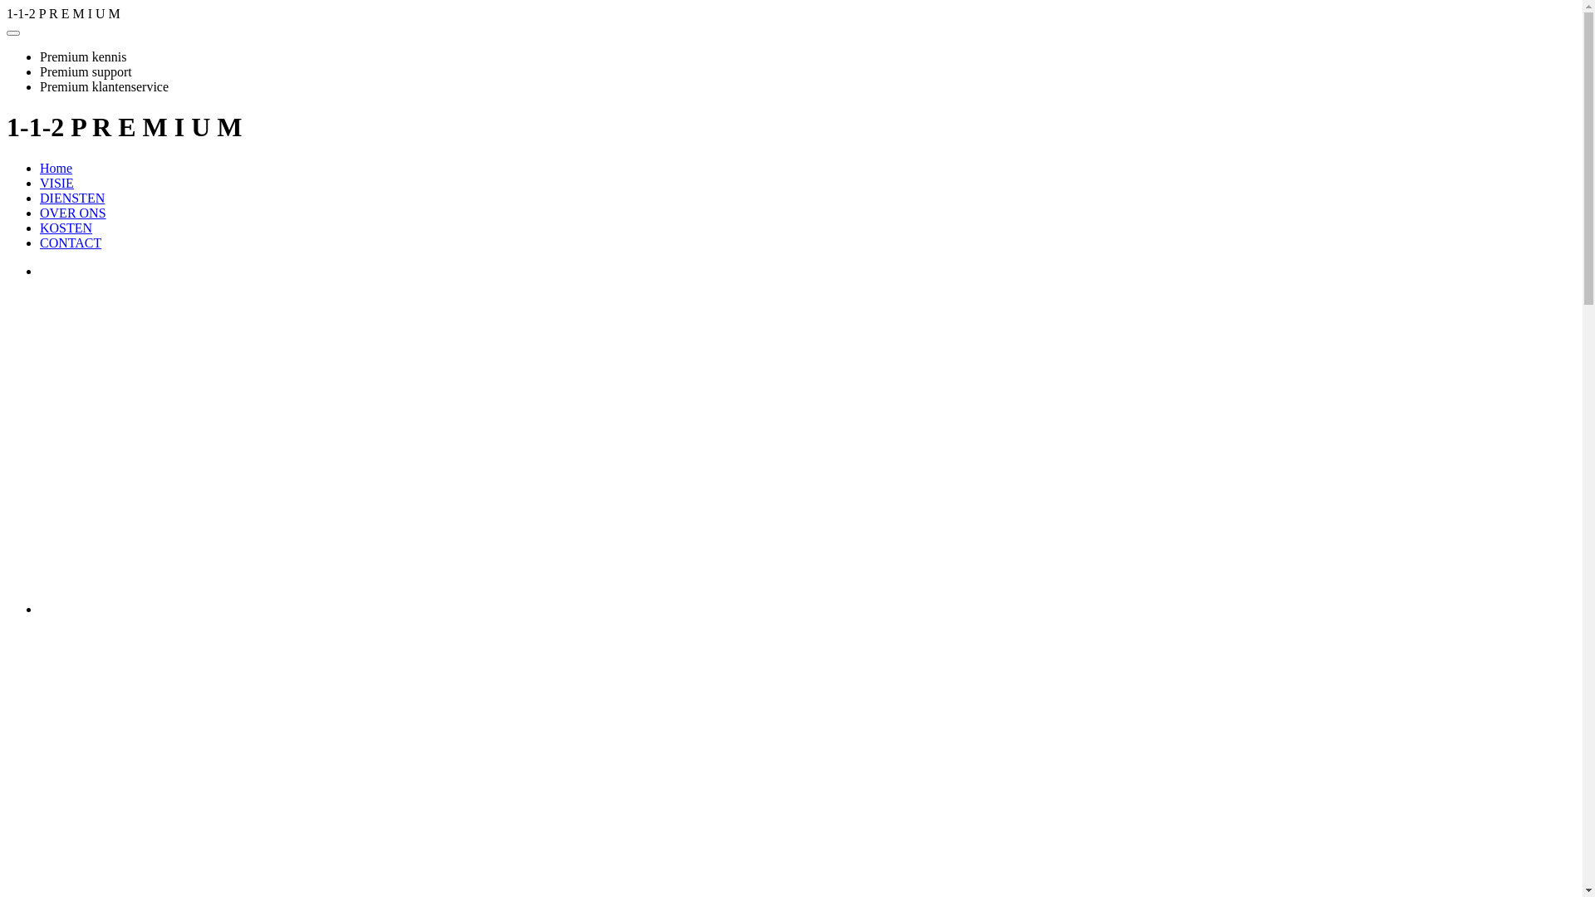  Describe the element at coordinates (66, 228) in the screenshot. I see `'KOSTEN'` at that location.